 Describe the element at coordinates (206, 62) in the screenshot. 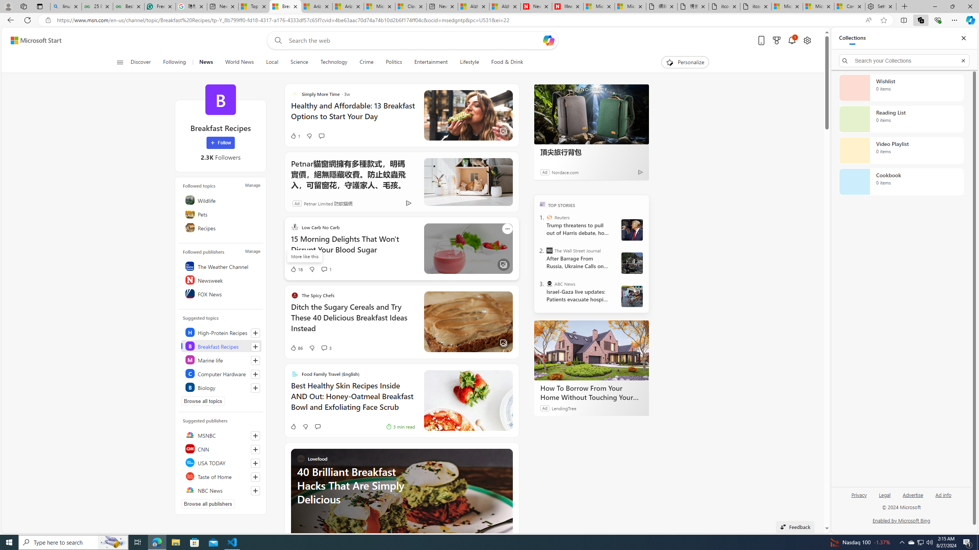

I see `'News'` at that location.